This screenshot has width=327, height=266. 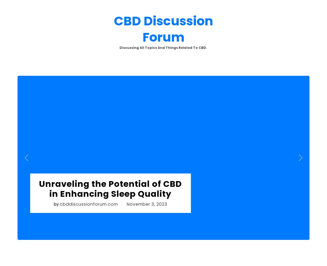 What do you see at coordinates (264, 79) in the screenshot?
I see `'October 29, 2023'` at bounding box center [264, 79].